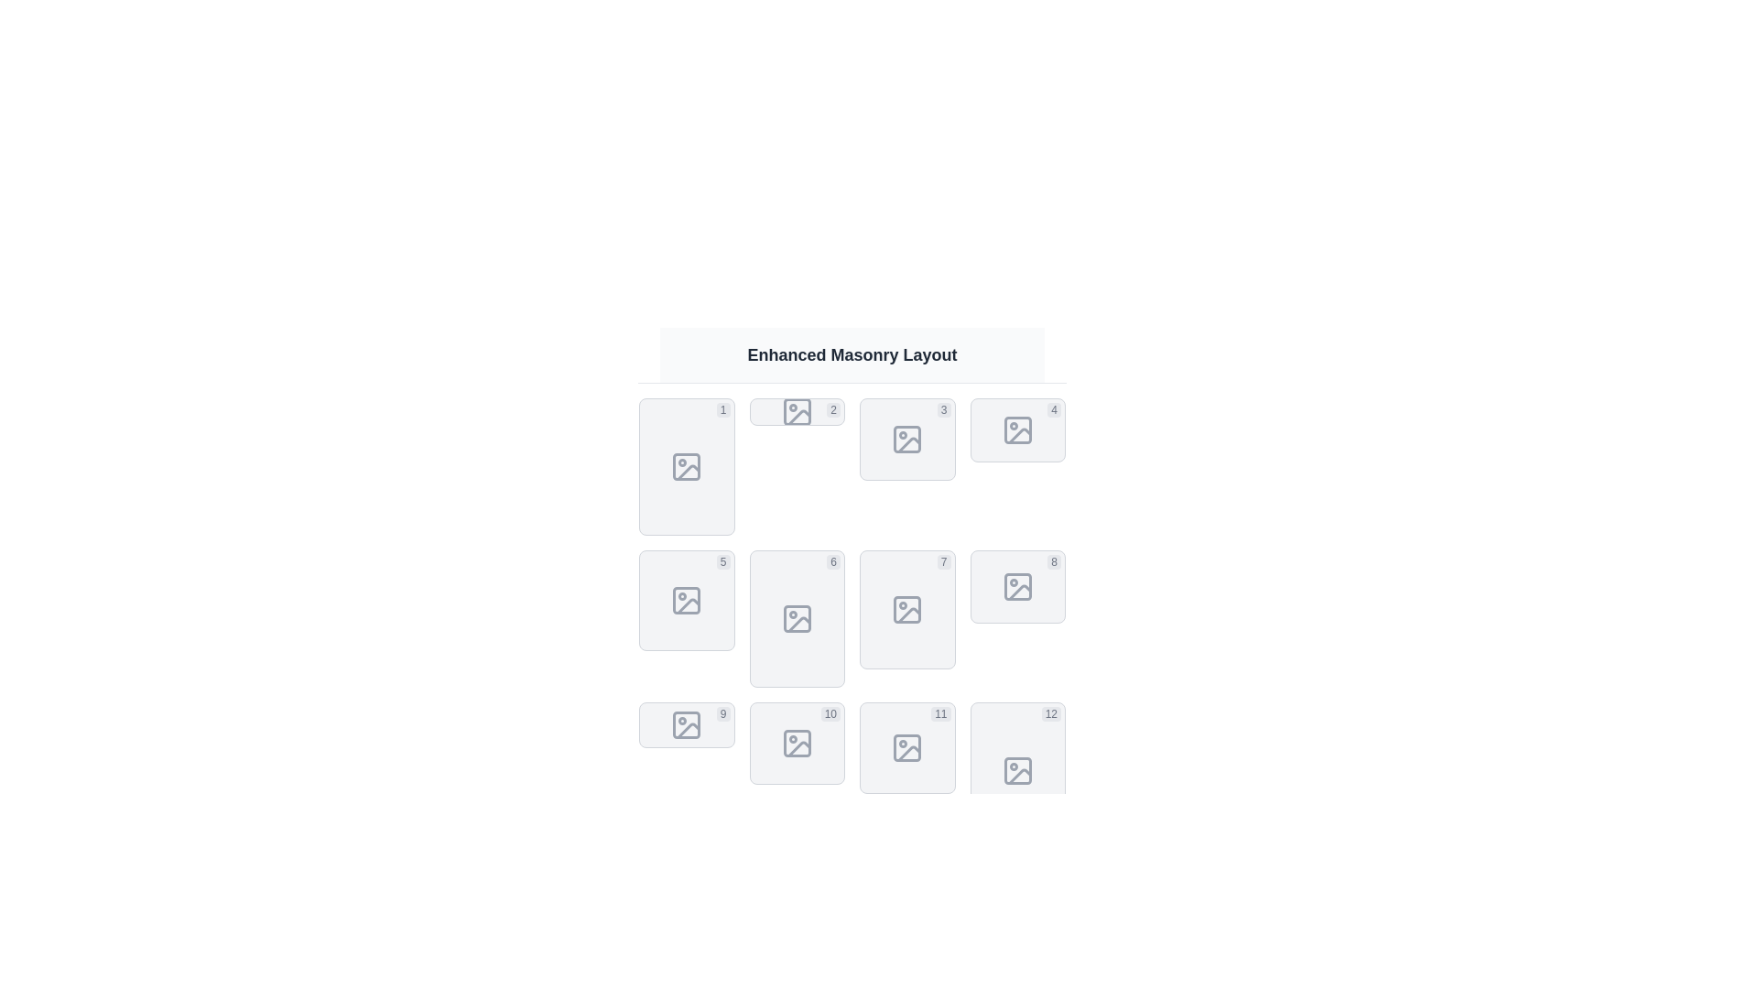 This screenshot has width=1758, height=989. What do you see at coordinates (1016, 586) in the screenshot?
I see `the eighth card or tile element in the grid layout, which serves as a placeholder or preview for a media item` at bounding box center [1016, 586].